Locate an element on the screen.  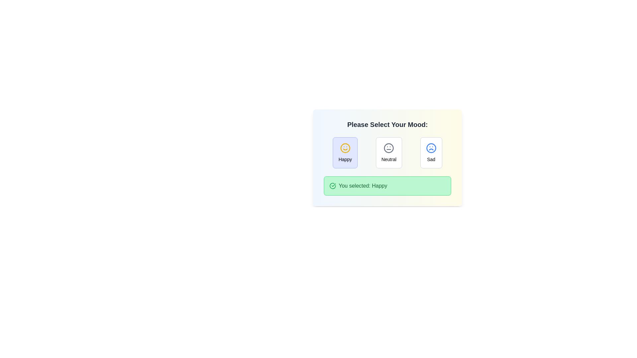
the 'Happy' button, which has a light indigo background, rounded borders, and features a yellow smiley face icon at the top-center with the text 'Happy' below it is located at coordinates (345, 153).